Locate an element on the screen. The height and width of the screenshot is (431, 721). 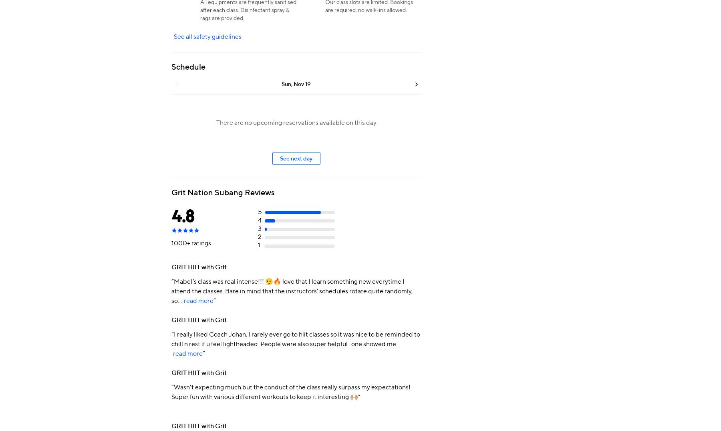
'See all safety guidelines' is located at coordinates (207, 36).